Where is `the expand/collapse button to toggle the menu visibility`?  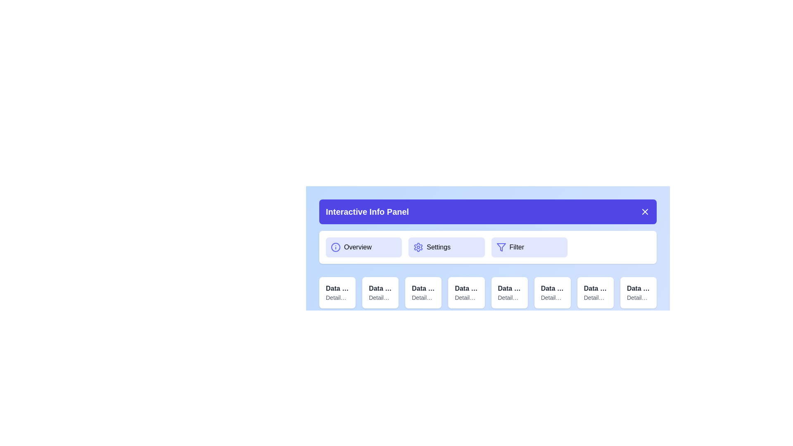 the expand/collapse button to toggle the menu visibility is located at coordinates (644, 211).